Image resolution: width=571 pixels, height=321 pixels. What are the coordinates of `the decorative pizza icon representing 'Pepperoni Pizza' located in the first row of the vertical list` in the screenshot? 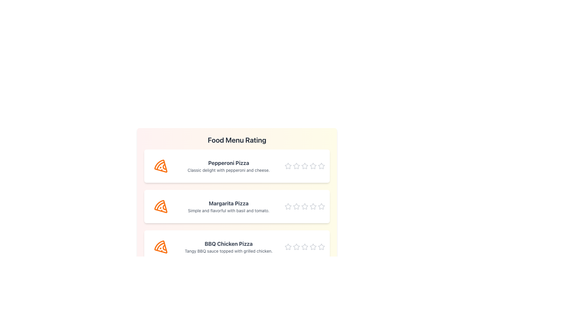 It's located at (161, 166).